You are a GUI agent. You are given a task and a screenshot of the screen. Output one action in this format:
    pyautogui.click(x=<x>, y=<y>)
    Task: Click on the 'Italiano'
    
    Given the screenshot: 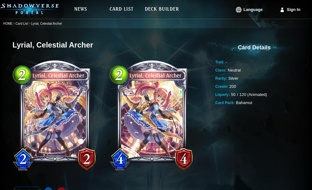 What is the action you would take?
    pyautogui.click(x=240, y=85)
    